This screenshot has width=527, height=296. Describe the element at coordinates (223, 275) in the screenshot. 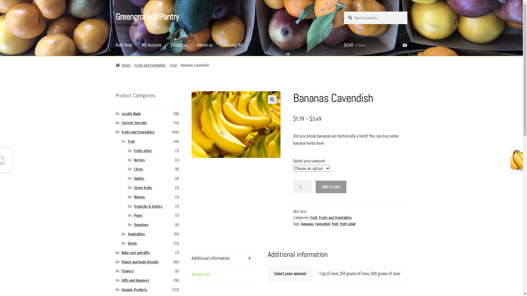

I see `'Reviews (0)'` at that location.